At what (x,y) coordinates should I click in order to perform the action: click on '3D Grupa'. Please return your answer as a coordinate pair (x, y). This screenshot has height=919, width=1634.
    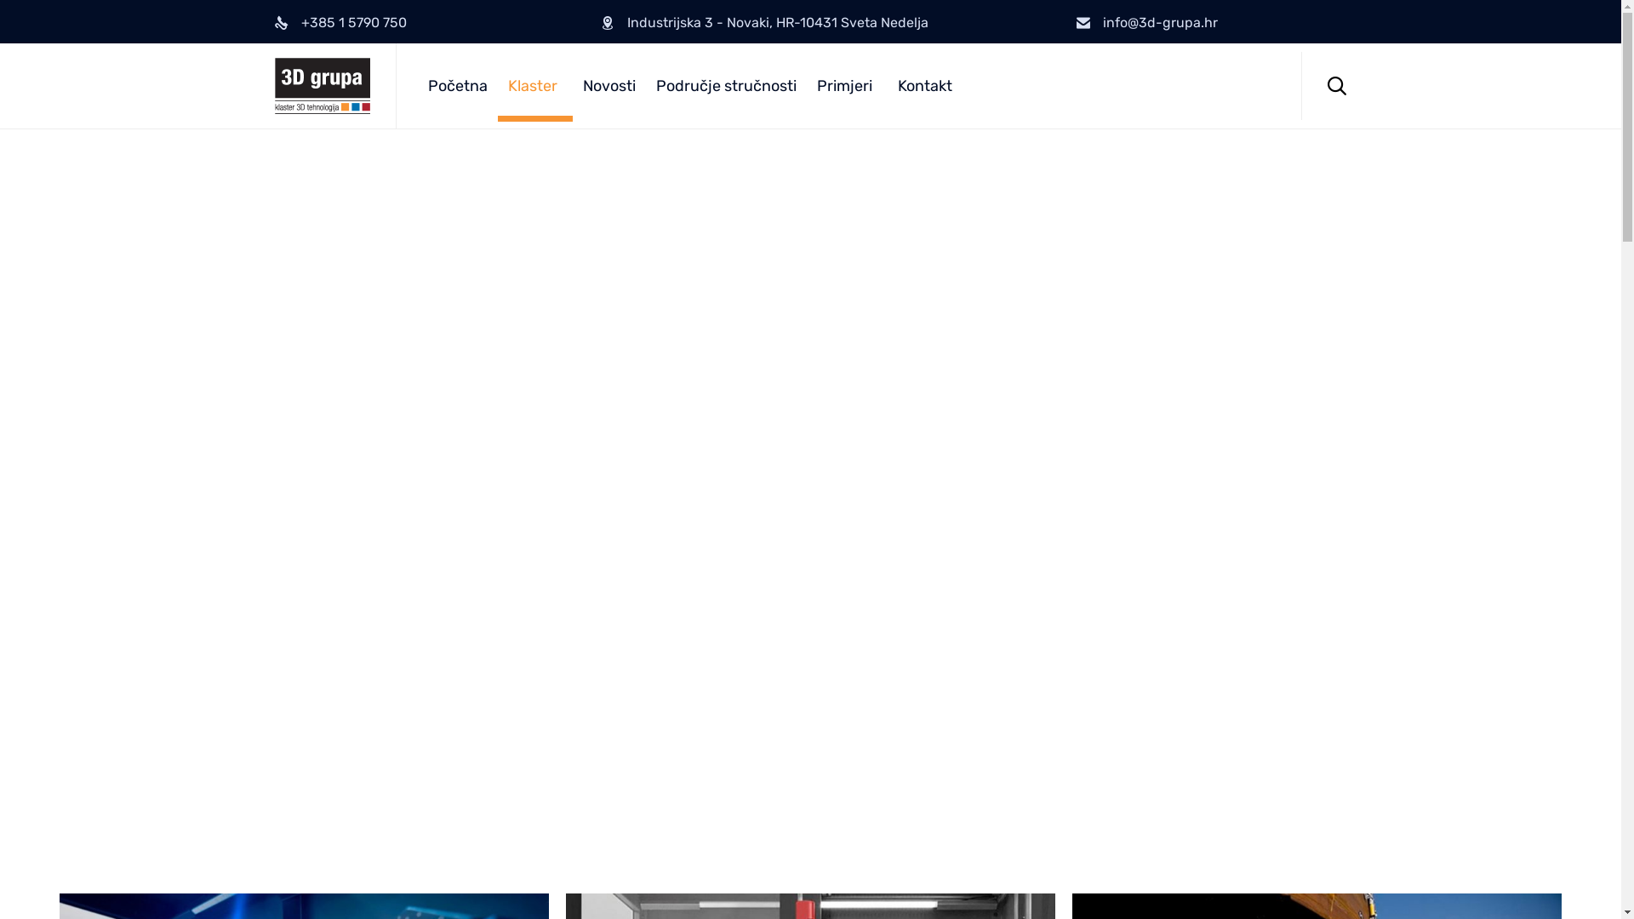
    Looking at the image, I should click on (322, 85).